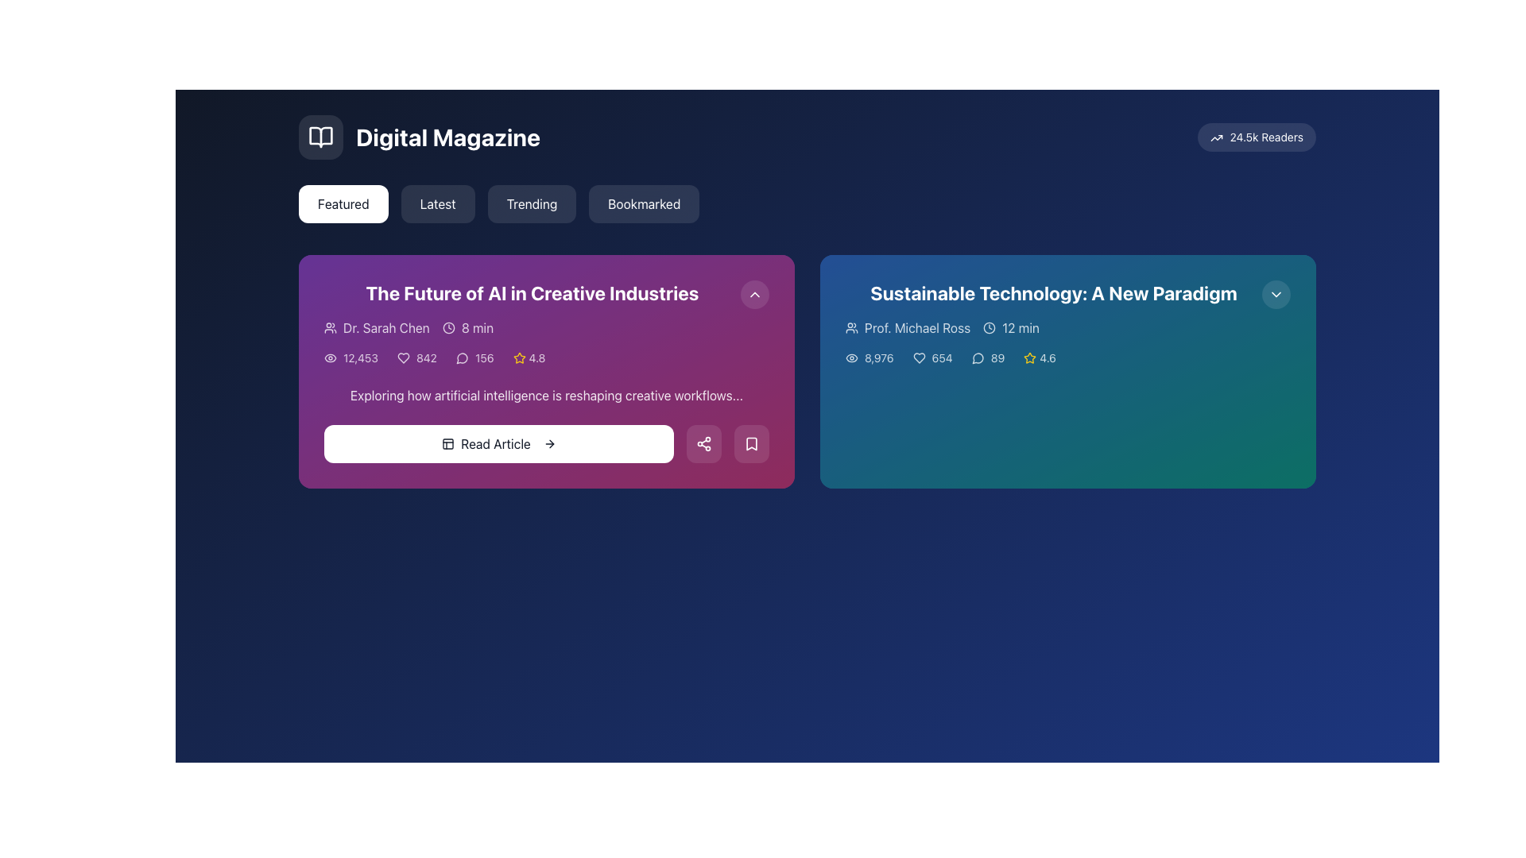 Image resolution: width=1526 pixels, height=858 pixels. What do you see at coordinates (343, 203) in the screenshot?
I see `the white rectangular button labeled 'Featured' with rounded corners` at bounding box center [343, 203].